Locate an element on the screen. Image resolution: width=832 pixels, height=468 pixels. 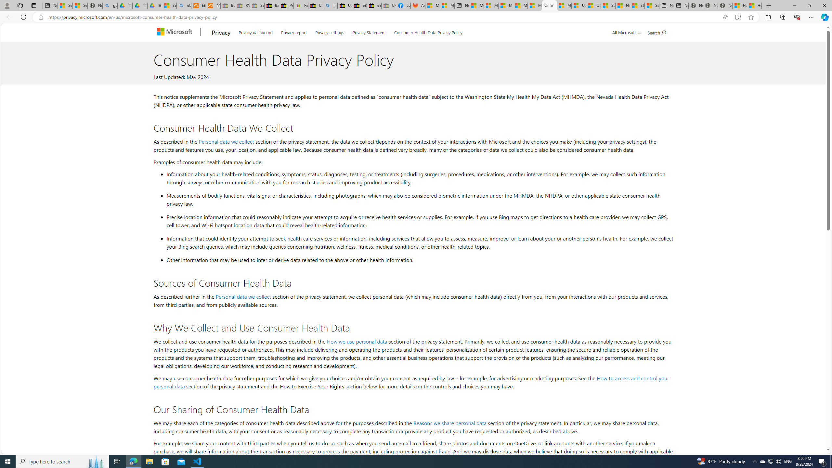
'Enter Immersive Reader (F9)' is located at coordinates (738, 17).